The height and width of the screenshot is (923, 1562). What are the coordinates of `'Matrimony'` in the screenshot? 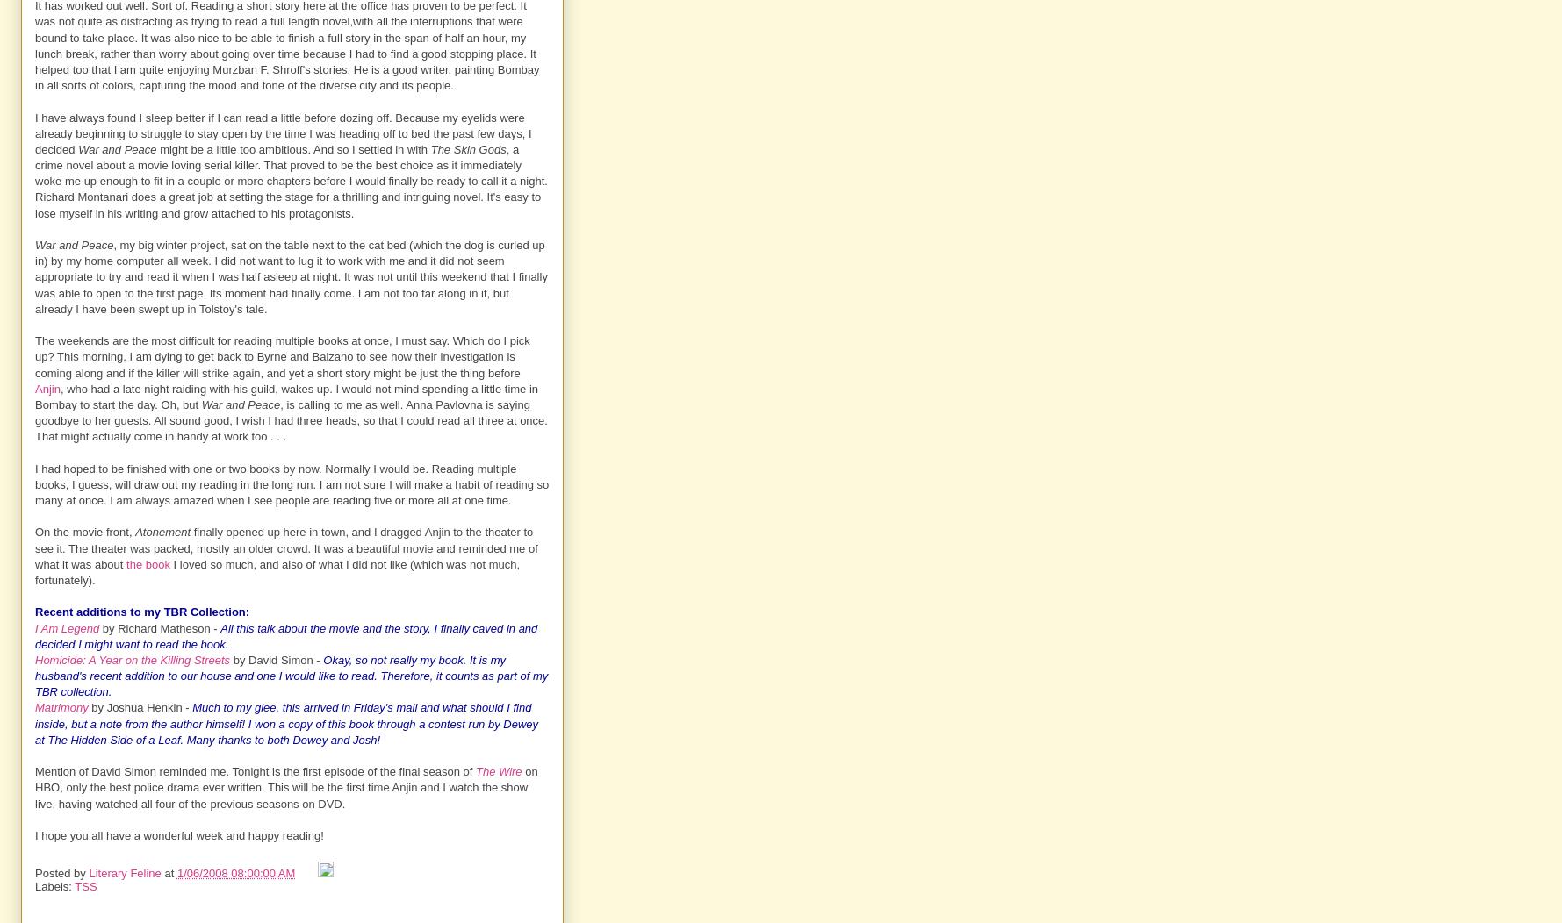 It's located at (60, 707).